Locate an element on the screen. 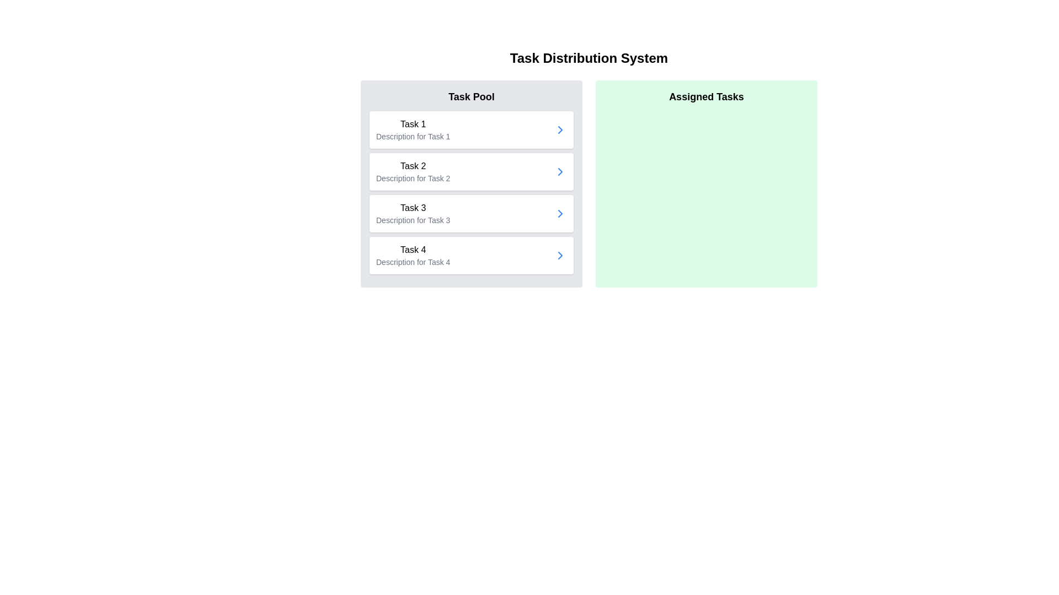  the fourth task entry in the 'Task Pool' section, which displays the task's title and description is located at coordinates (413, 255).